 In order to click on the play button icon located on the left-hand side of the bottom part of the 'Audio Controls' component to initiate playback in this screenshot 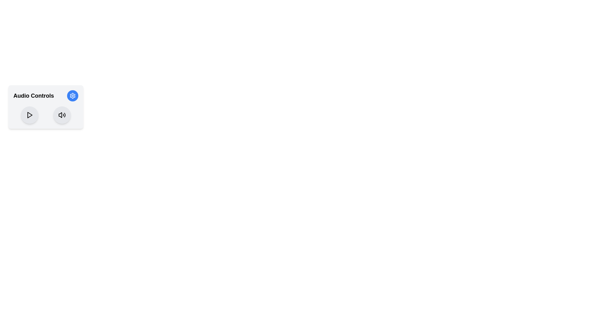, I will do `click(30, 115)`.